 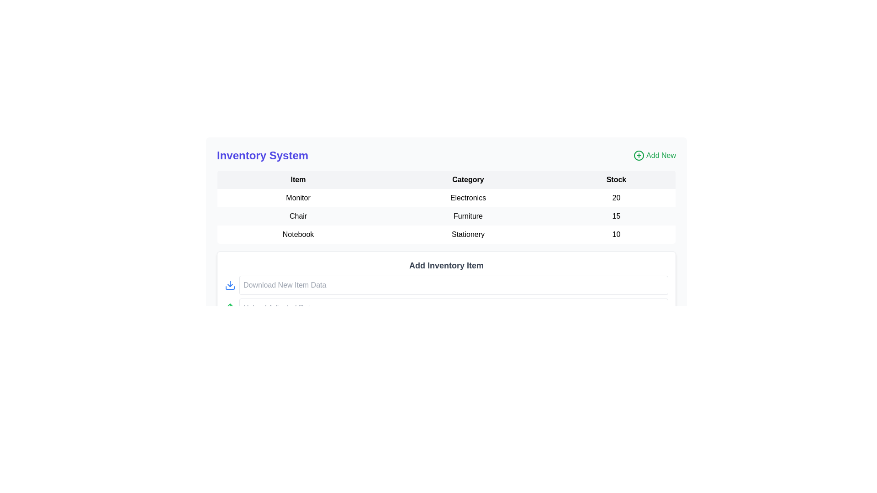 I want to click on the 'Item' text label, which is the first header in a table with a light gray background, displaying in bold black font, so click(x=298, y=179).